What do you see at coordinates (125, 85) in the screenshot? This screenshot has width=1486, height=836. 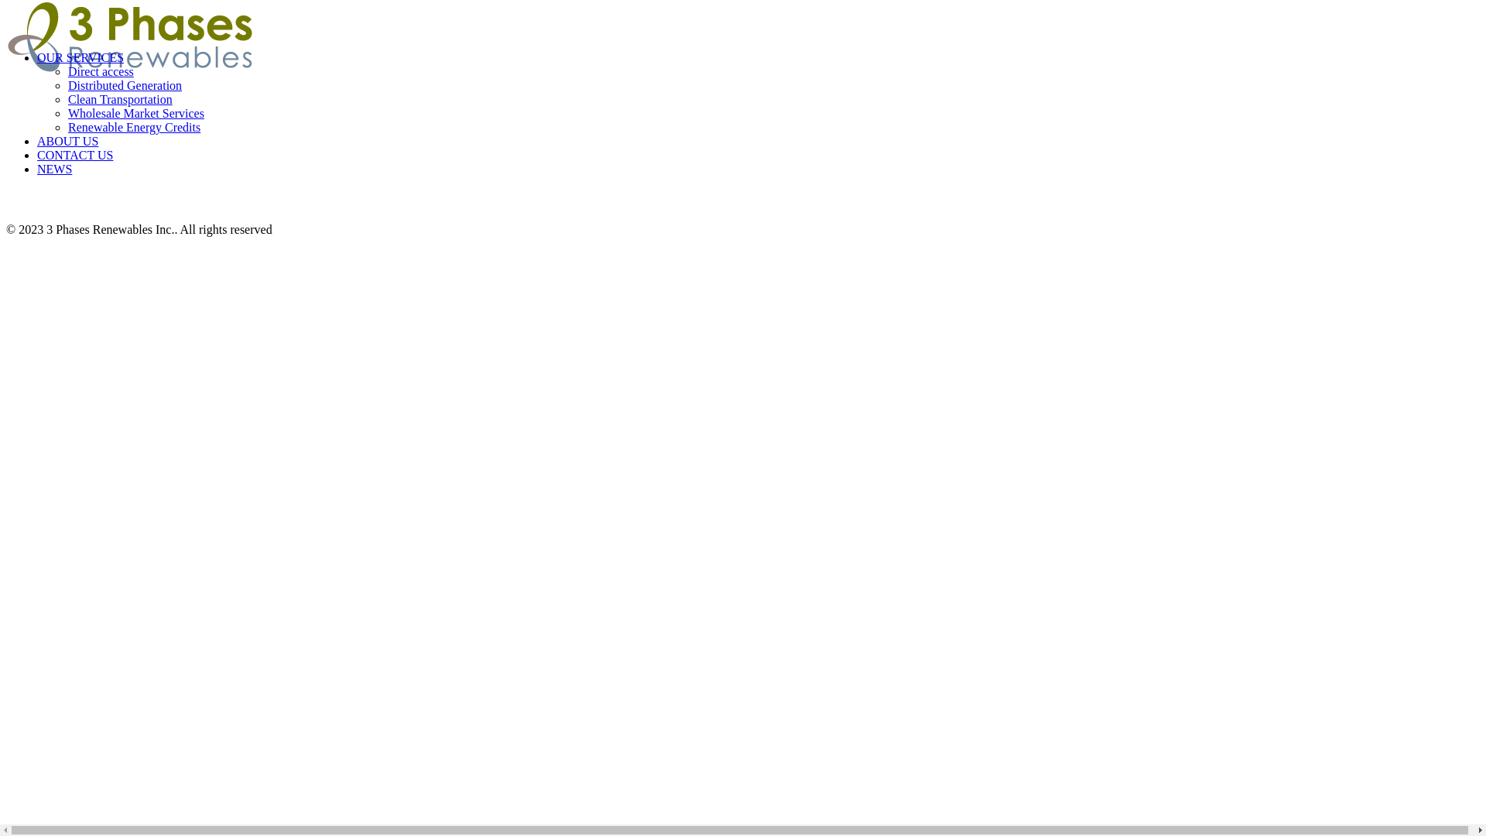 I see `'Distributed Generation'` at bounding box center [125, 85].